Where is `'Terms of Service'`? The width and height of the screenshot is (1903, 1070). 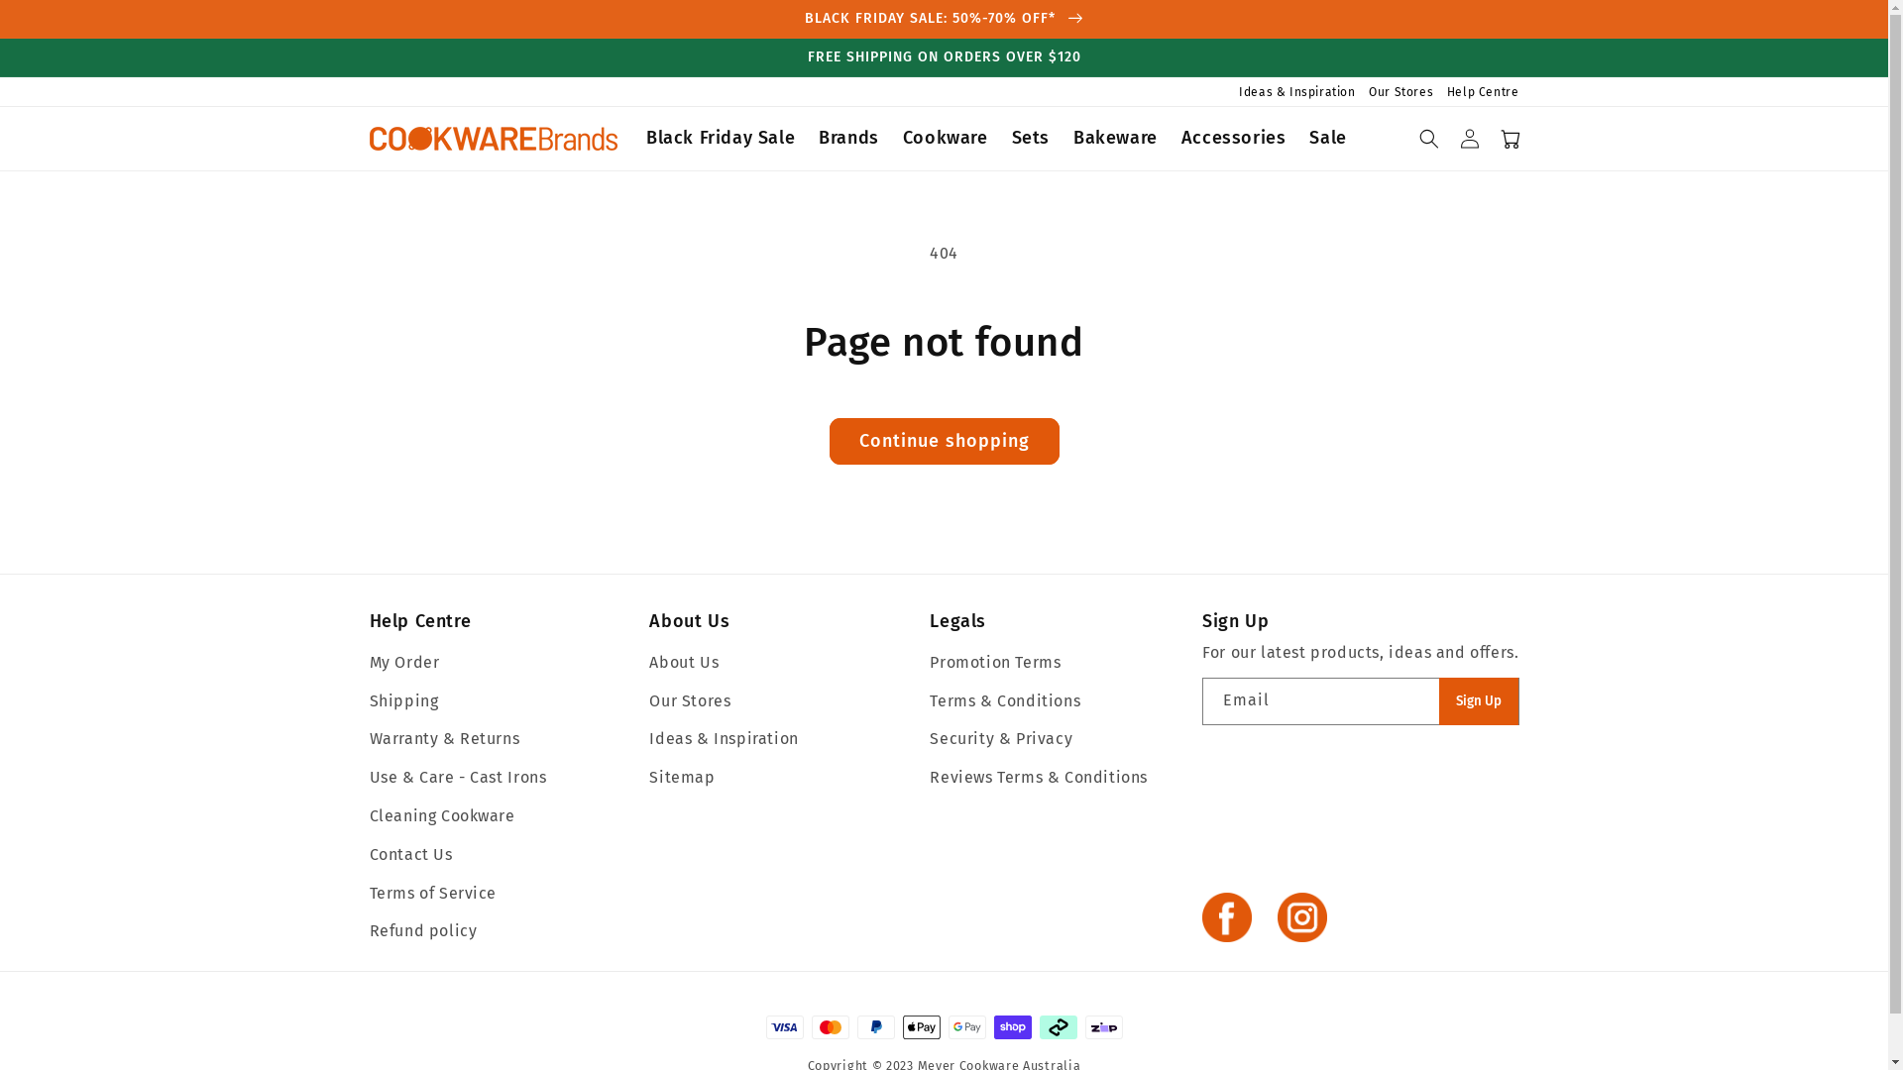
'Terms of Service' is located at coordinates (431, 894).